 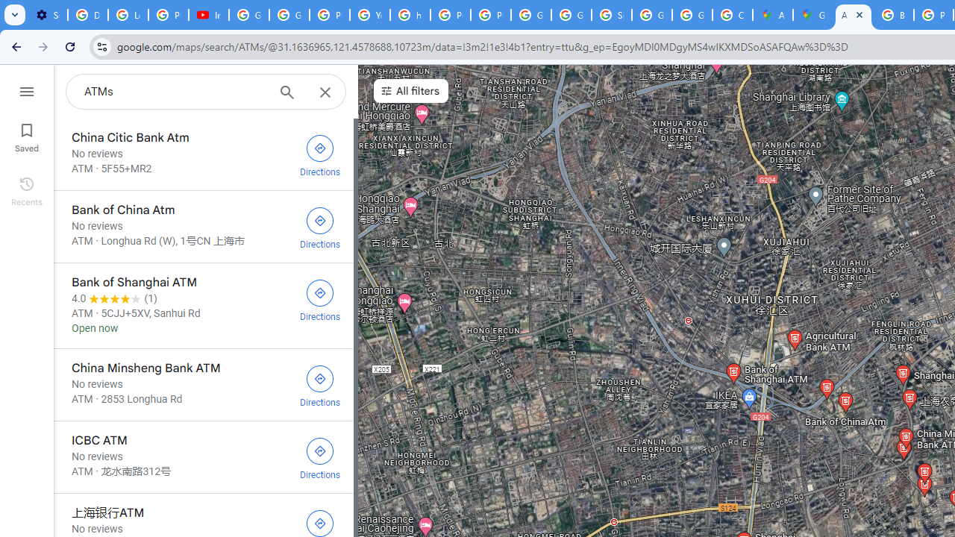 I want to click on 'Recents', so click(x=26, y=189).